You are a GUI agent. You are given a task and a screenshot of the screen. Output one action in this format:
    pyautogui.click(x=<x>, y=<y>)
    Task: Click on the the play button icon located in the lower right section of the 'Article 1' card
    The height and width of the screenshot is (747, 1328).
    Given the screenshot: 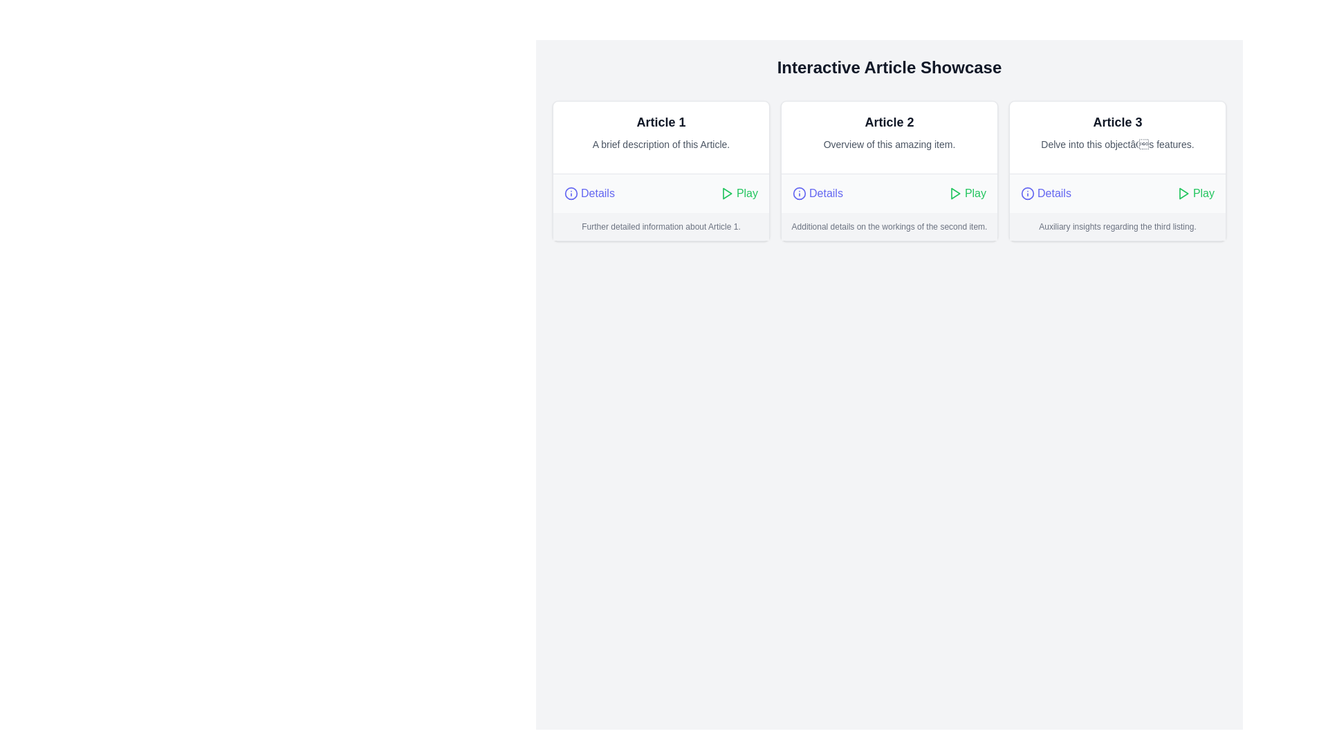 What is the action you would take?
    pyautogui.click(x=726, y=194)
    